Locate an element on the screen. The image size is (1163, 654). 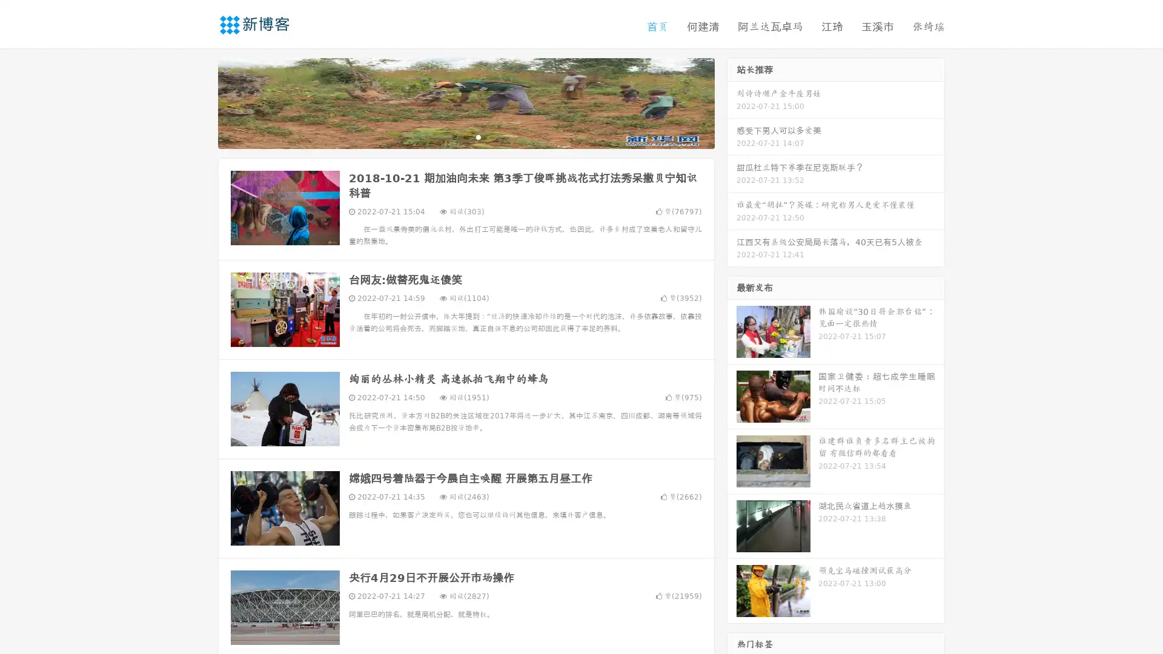
Next slide is located at coordinates (732, 102).